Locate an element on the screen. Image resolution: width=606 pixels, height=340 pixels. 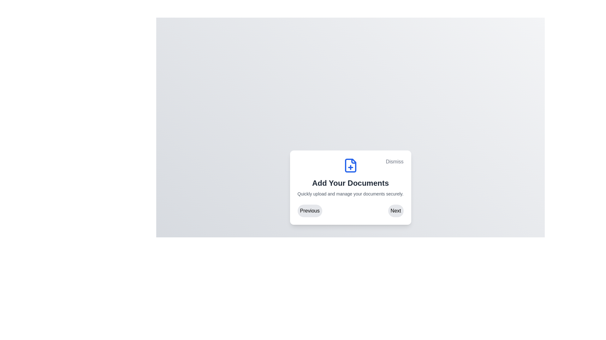
the file document icon with a plus sign, which is located above the title 'Add Your Documents' in the modal dialog box is located at coordinates (350, 165).